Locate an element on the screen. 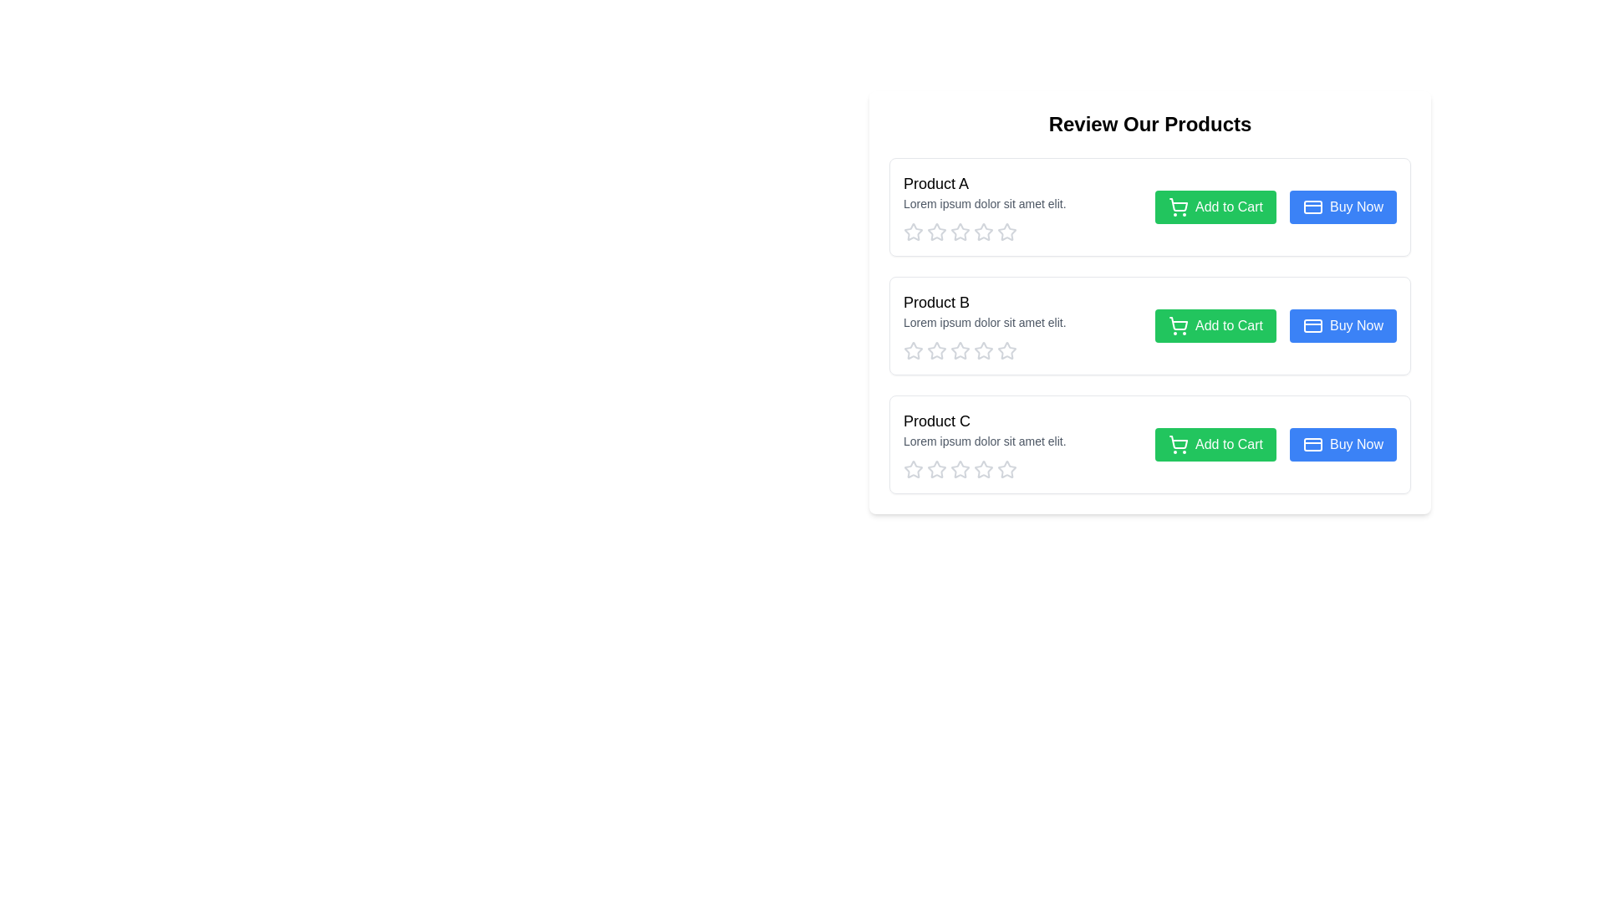  the shopping cart icon, which is part of the 'Add to Cart' button for 'Product B', to trigger a tooltip or visual effect is located at coordinates (1178, 325).